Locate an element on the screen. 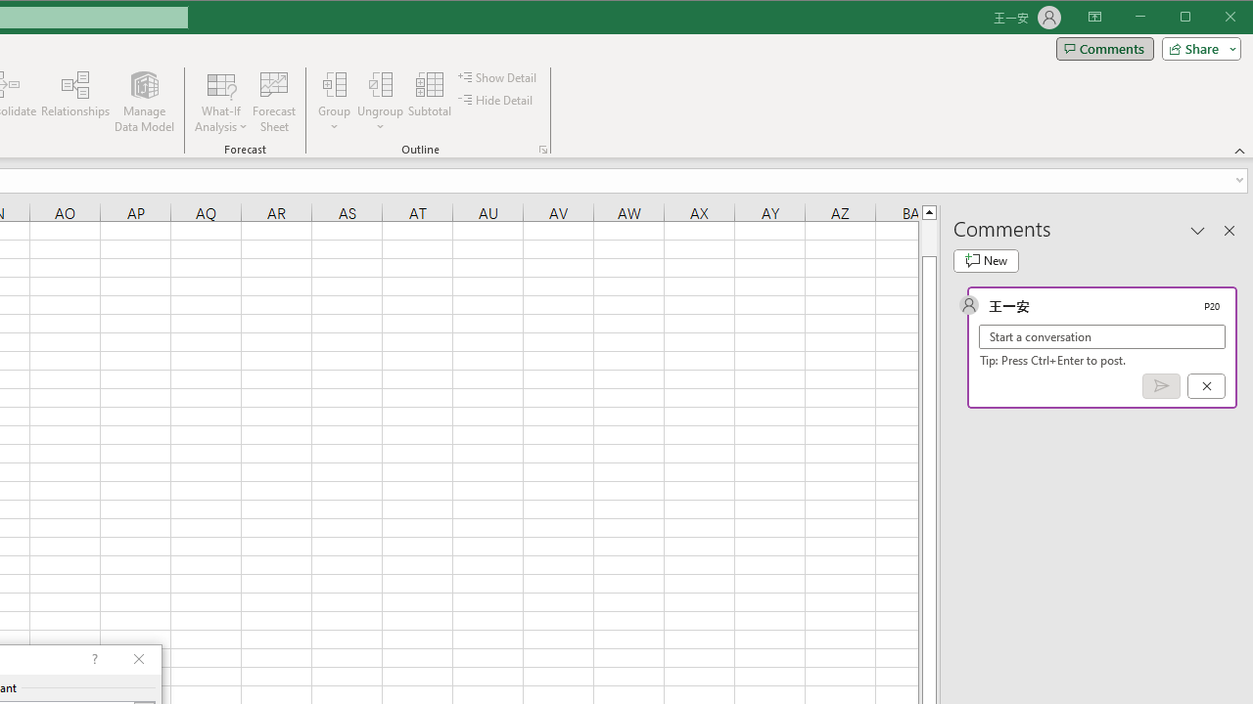  'Group...' is located at coordinates (335, 102).